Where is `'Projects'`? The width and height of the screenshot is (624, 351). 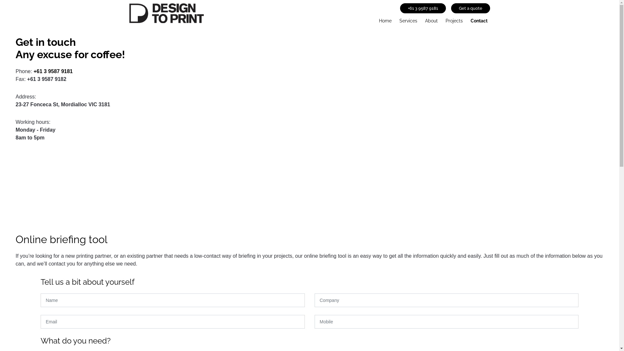
'Projects' is located at coordinates (453, 19).